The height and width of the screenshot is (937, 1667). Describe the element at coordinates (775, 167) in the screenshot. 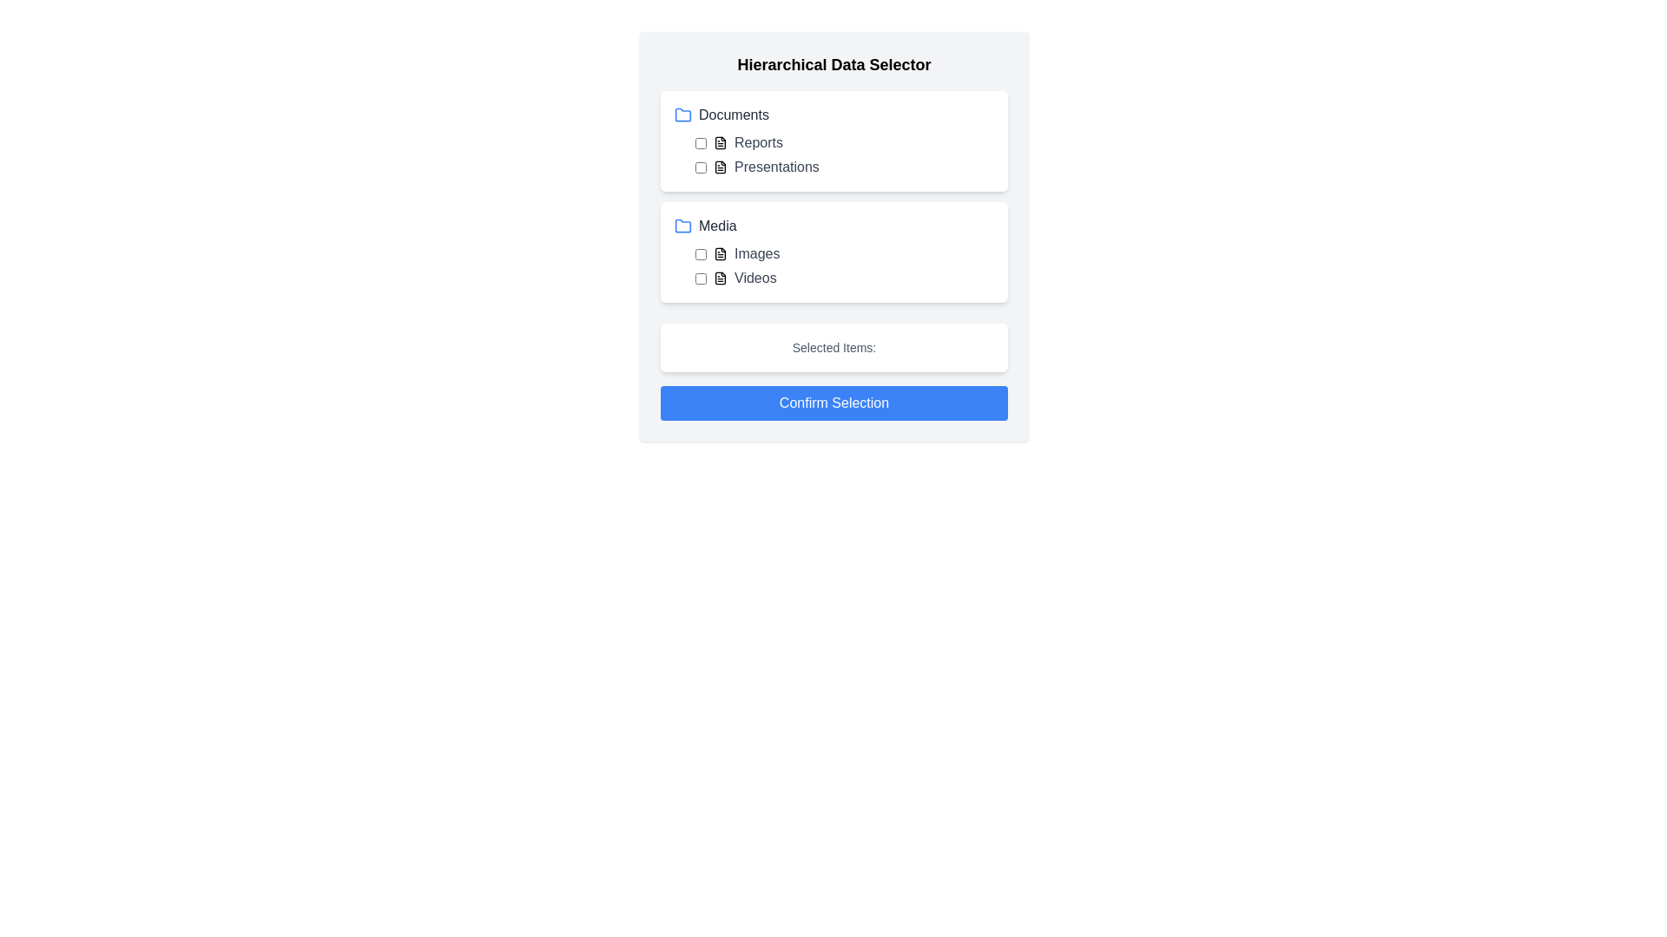

I see `the text label displaying 'Presentations', which is styled in gray and positioned under the 'Documents' category, next to similar items like 'Reports'` at that location.